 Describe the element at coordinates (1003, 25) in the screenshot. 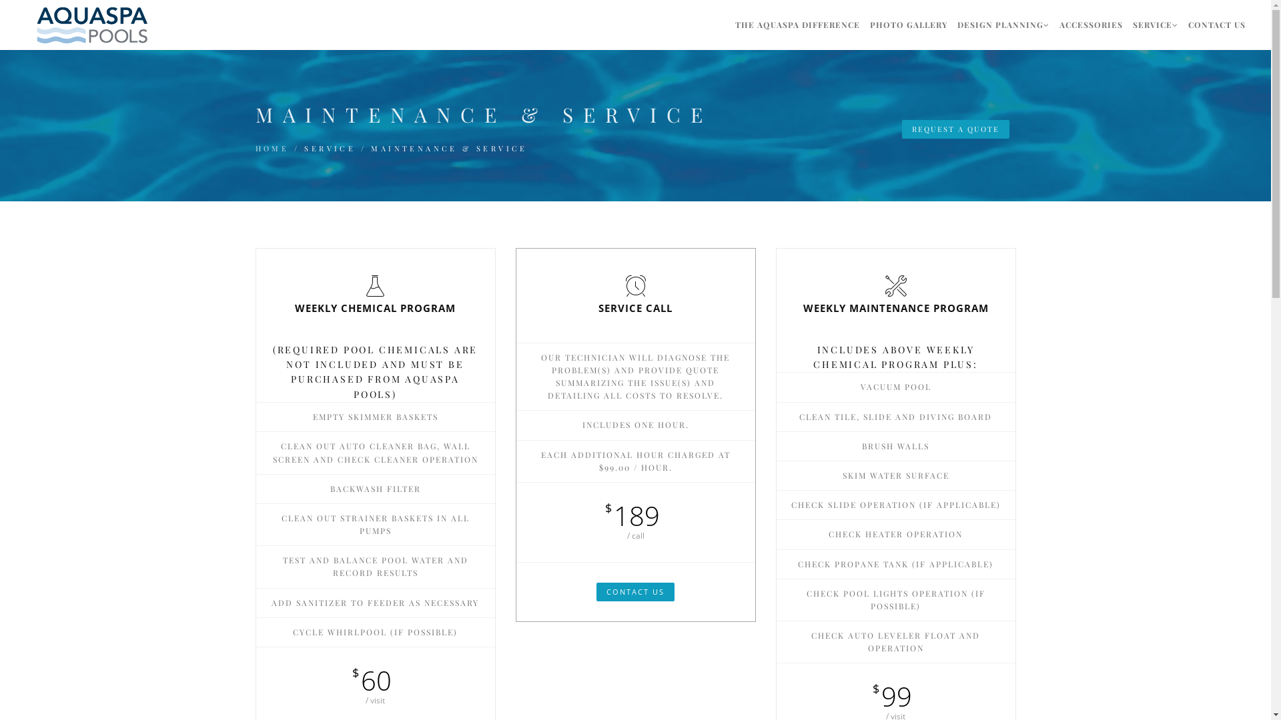

I see `'DESIGN PLANNING'` at that location.